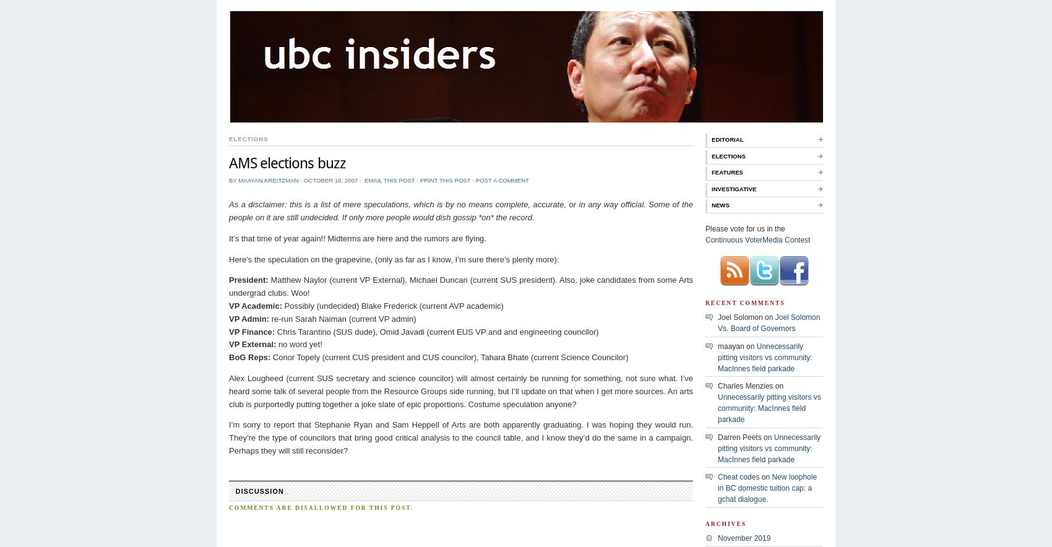  I want to click on 'October 18, 2007', so click(329, 179).